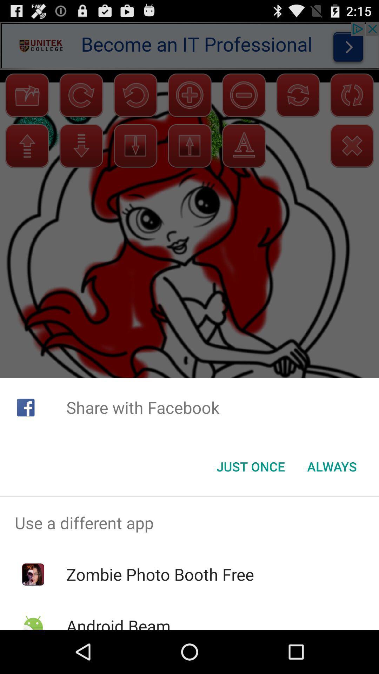 This screenshot has height=674, width=379. Describe the element at coordinates (332, 467) in the screenshot. I see `the icon below share with facebook app` at that location.